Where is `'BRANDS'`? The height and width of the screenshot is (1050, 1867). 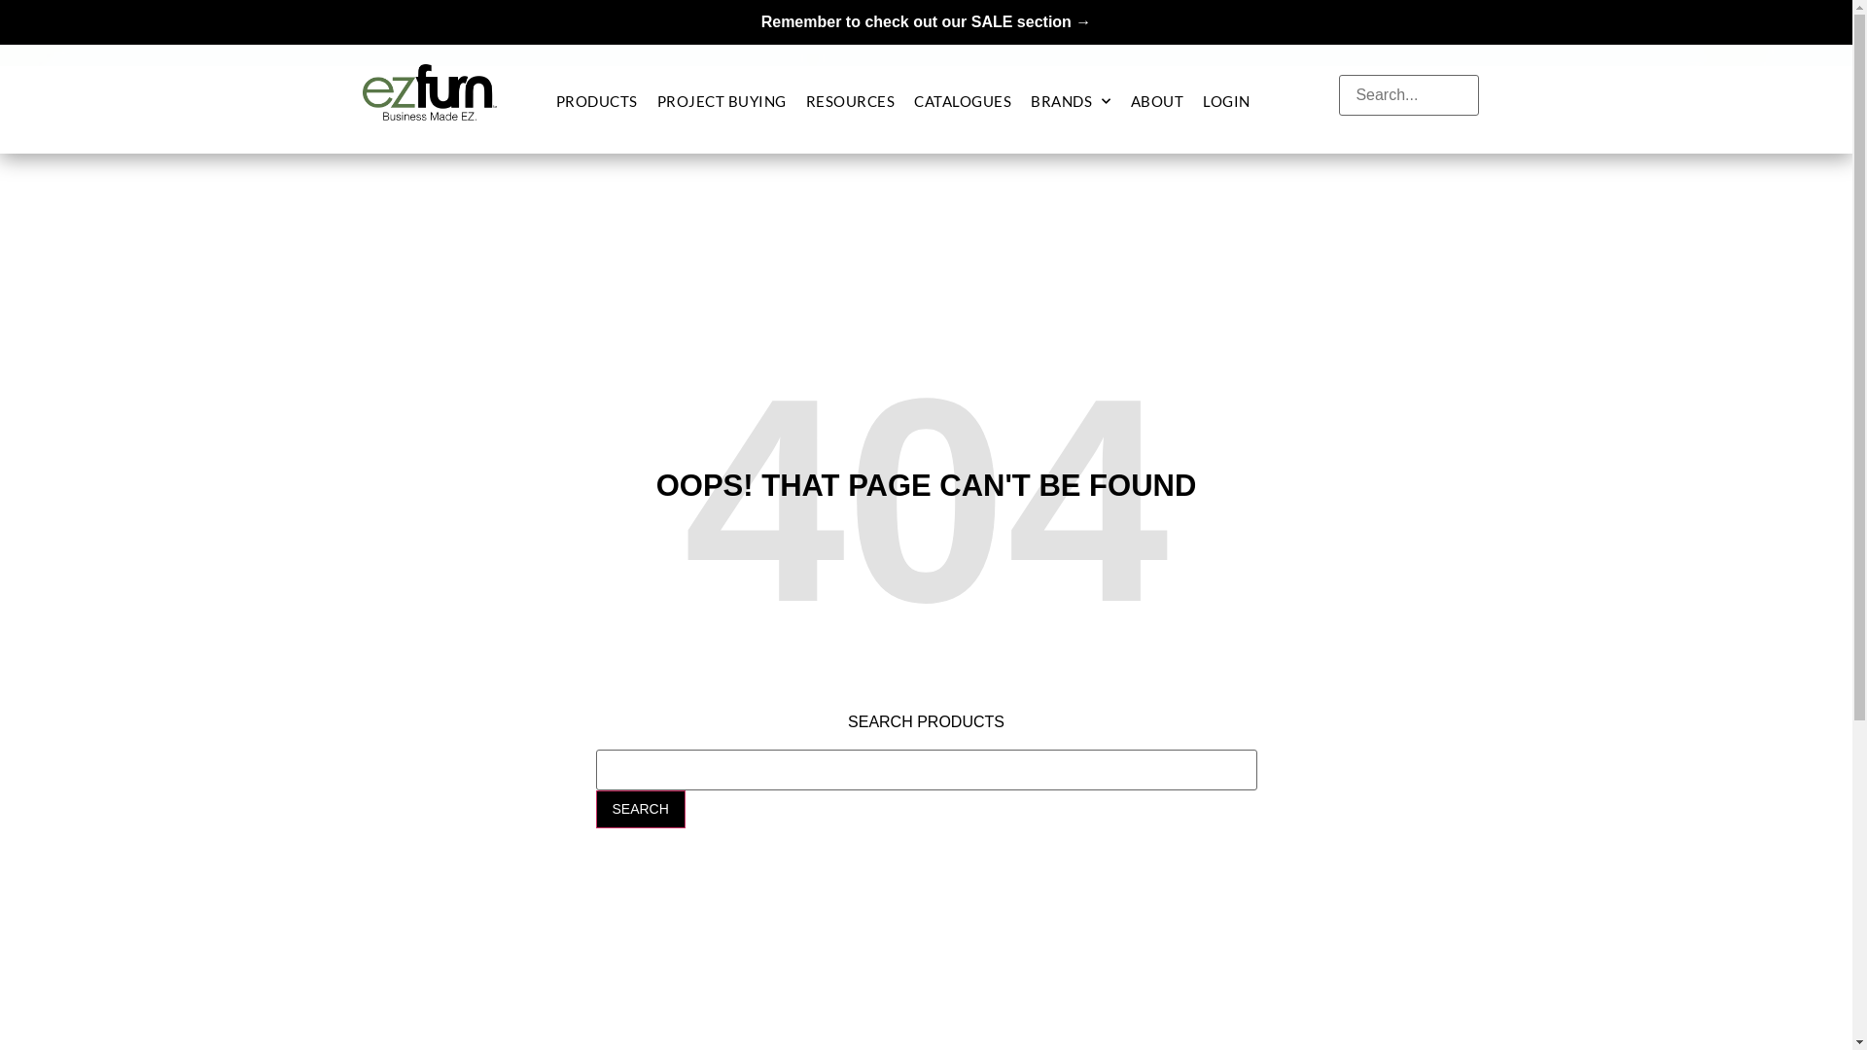 'BRANDS' is located at coordinates (1030, 101).